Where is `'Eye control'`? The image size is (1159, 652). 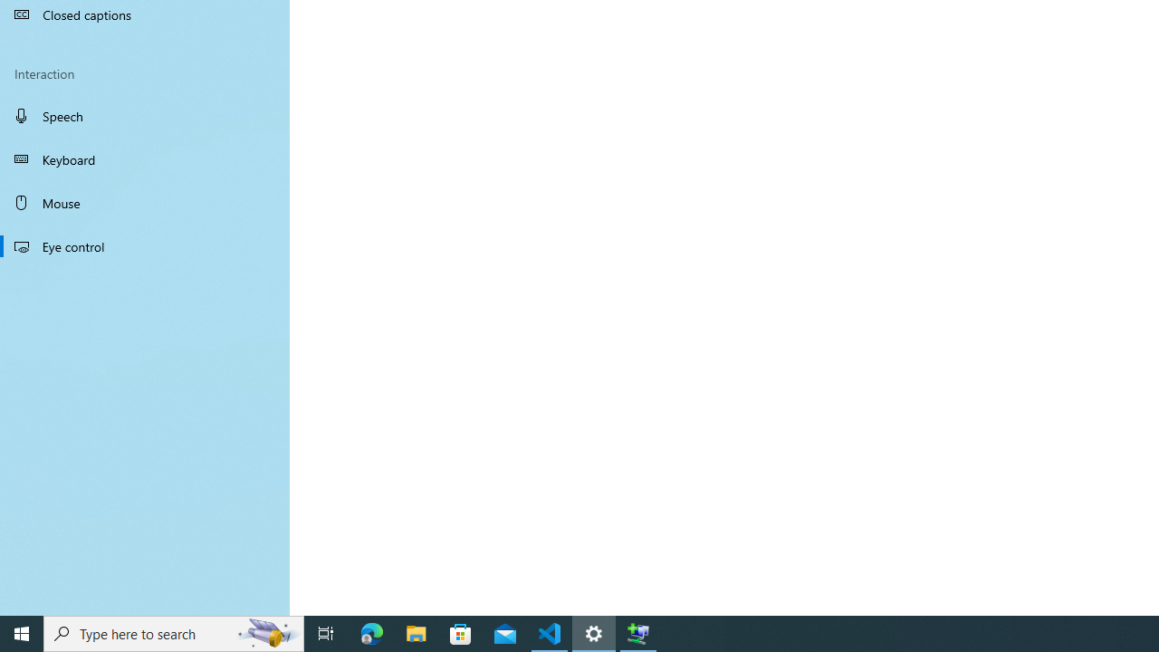 'Eye control' is located at coordinates (145, 245).